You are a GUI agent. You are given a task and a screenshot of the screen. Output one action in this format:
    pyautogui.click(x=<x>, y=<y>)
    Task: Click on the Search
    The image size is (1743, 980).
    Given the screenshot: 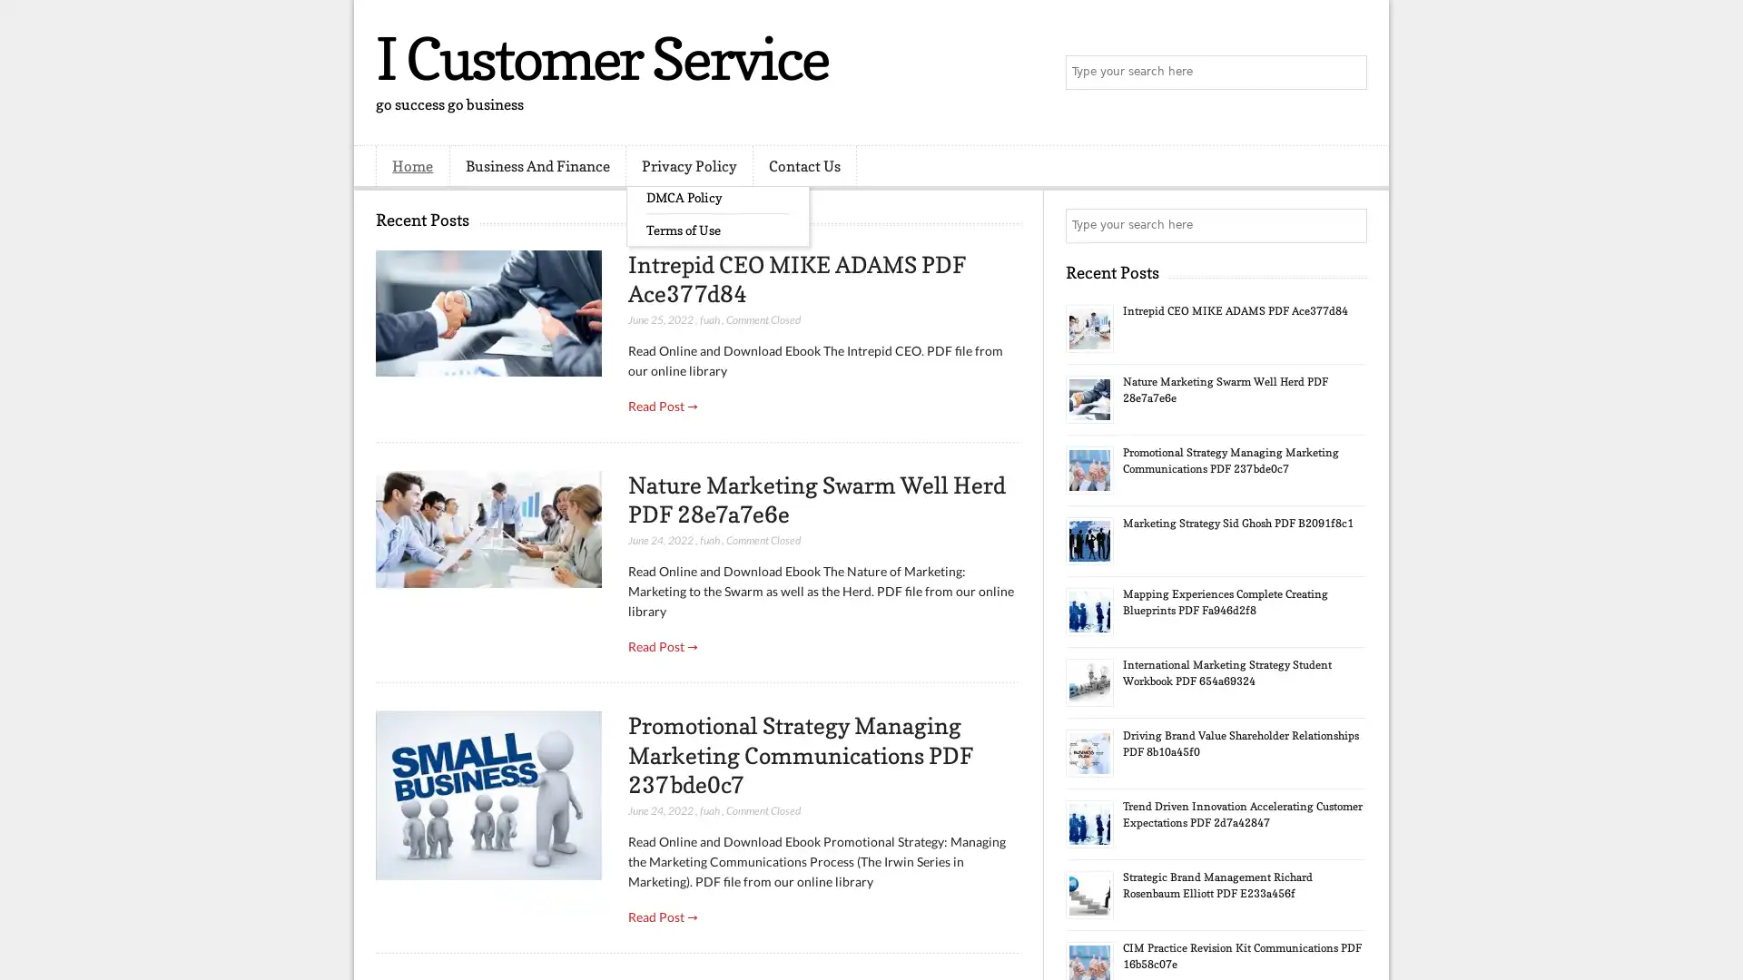 What is the action you would take?
    pyautogui.click(x=1348, y=73)
    